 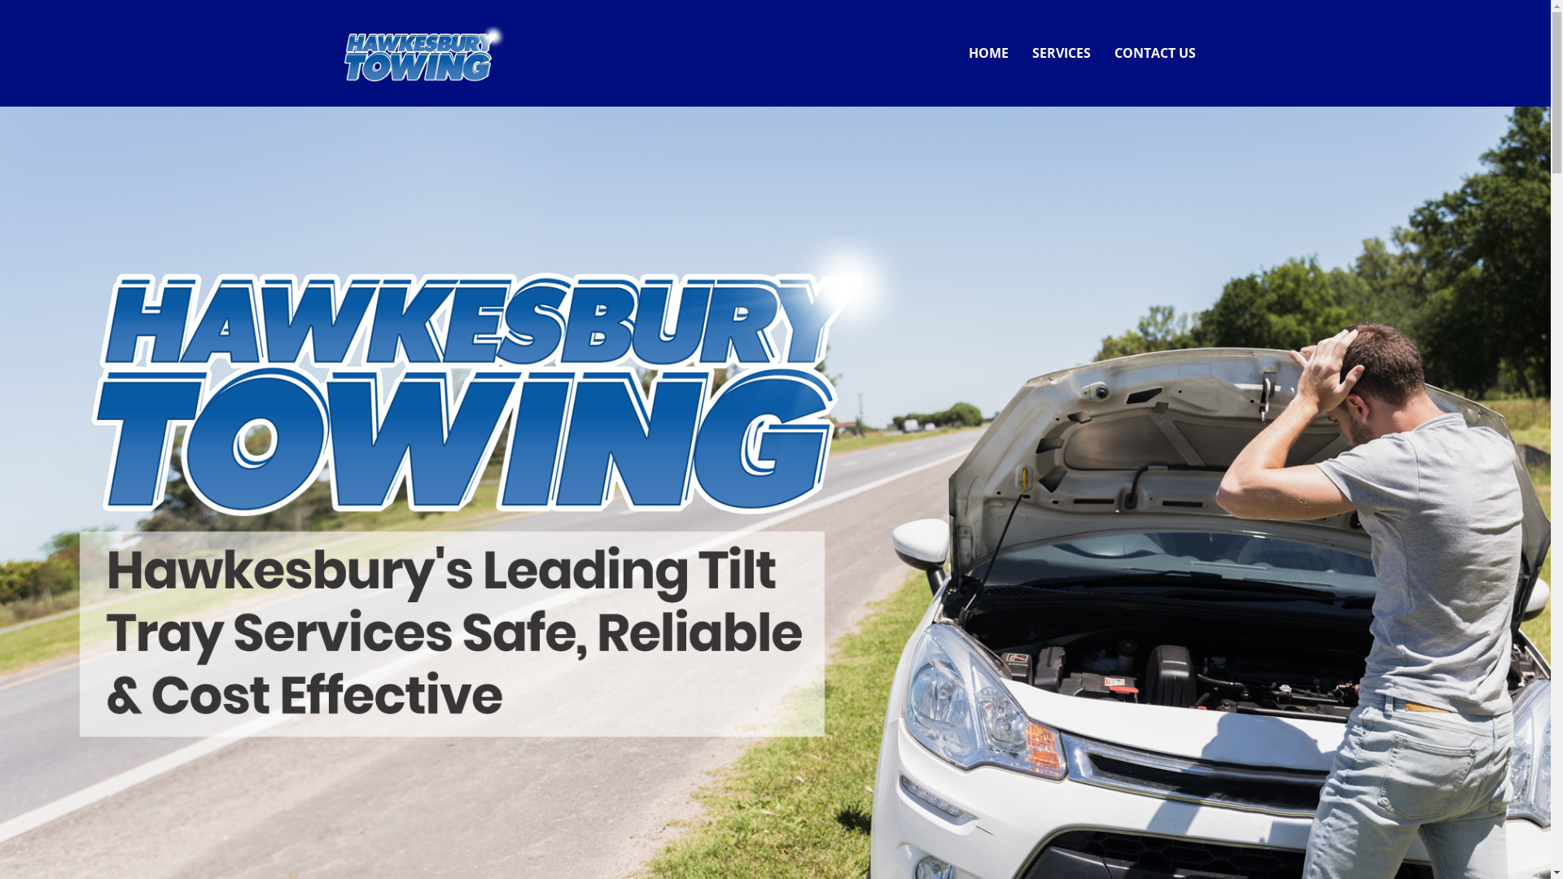 What do you see at coordinates (987, 52) in the screenshot?
I see `'HOME'` at bounding box center [987, 52].